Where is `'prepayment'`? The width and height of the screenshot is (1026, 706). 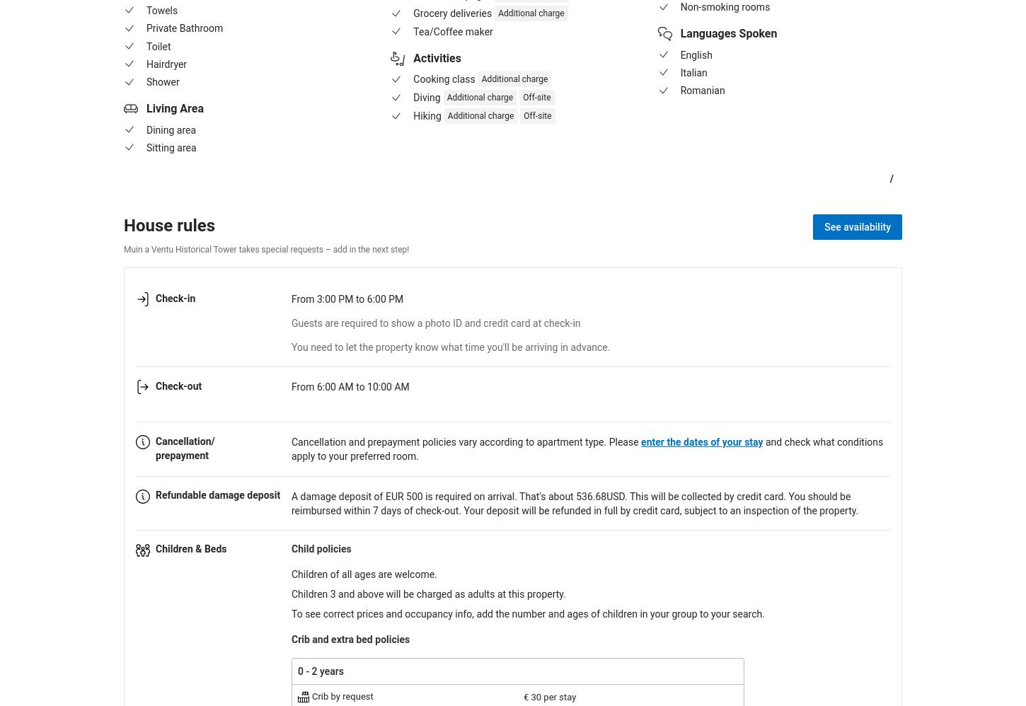
'prepayment' is located at coordinates (182, 455).